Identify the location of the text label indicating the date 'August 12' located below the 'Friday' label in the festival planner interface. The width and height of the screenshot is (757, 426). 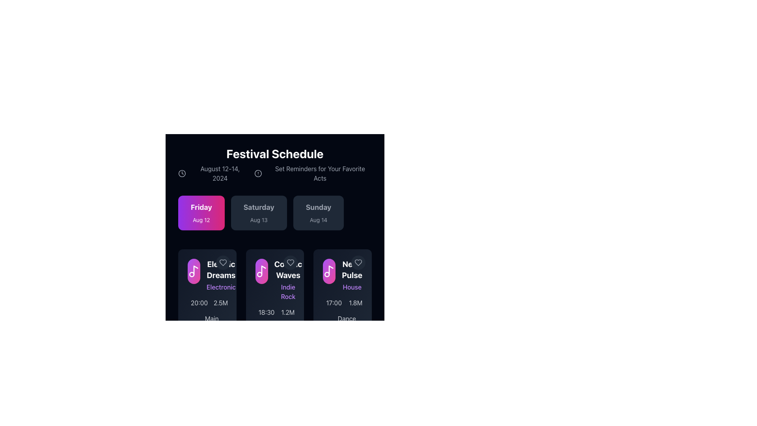
(201, 220).